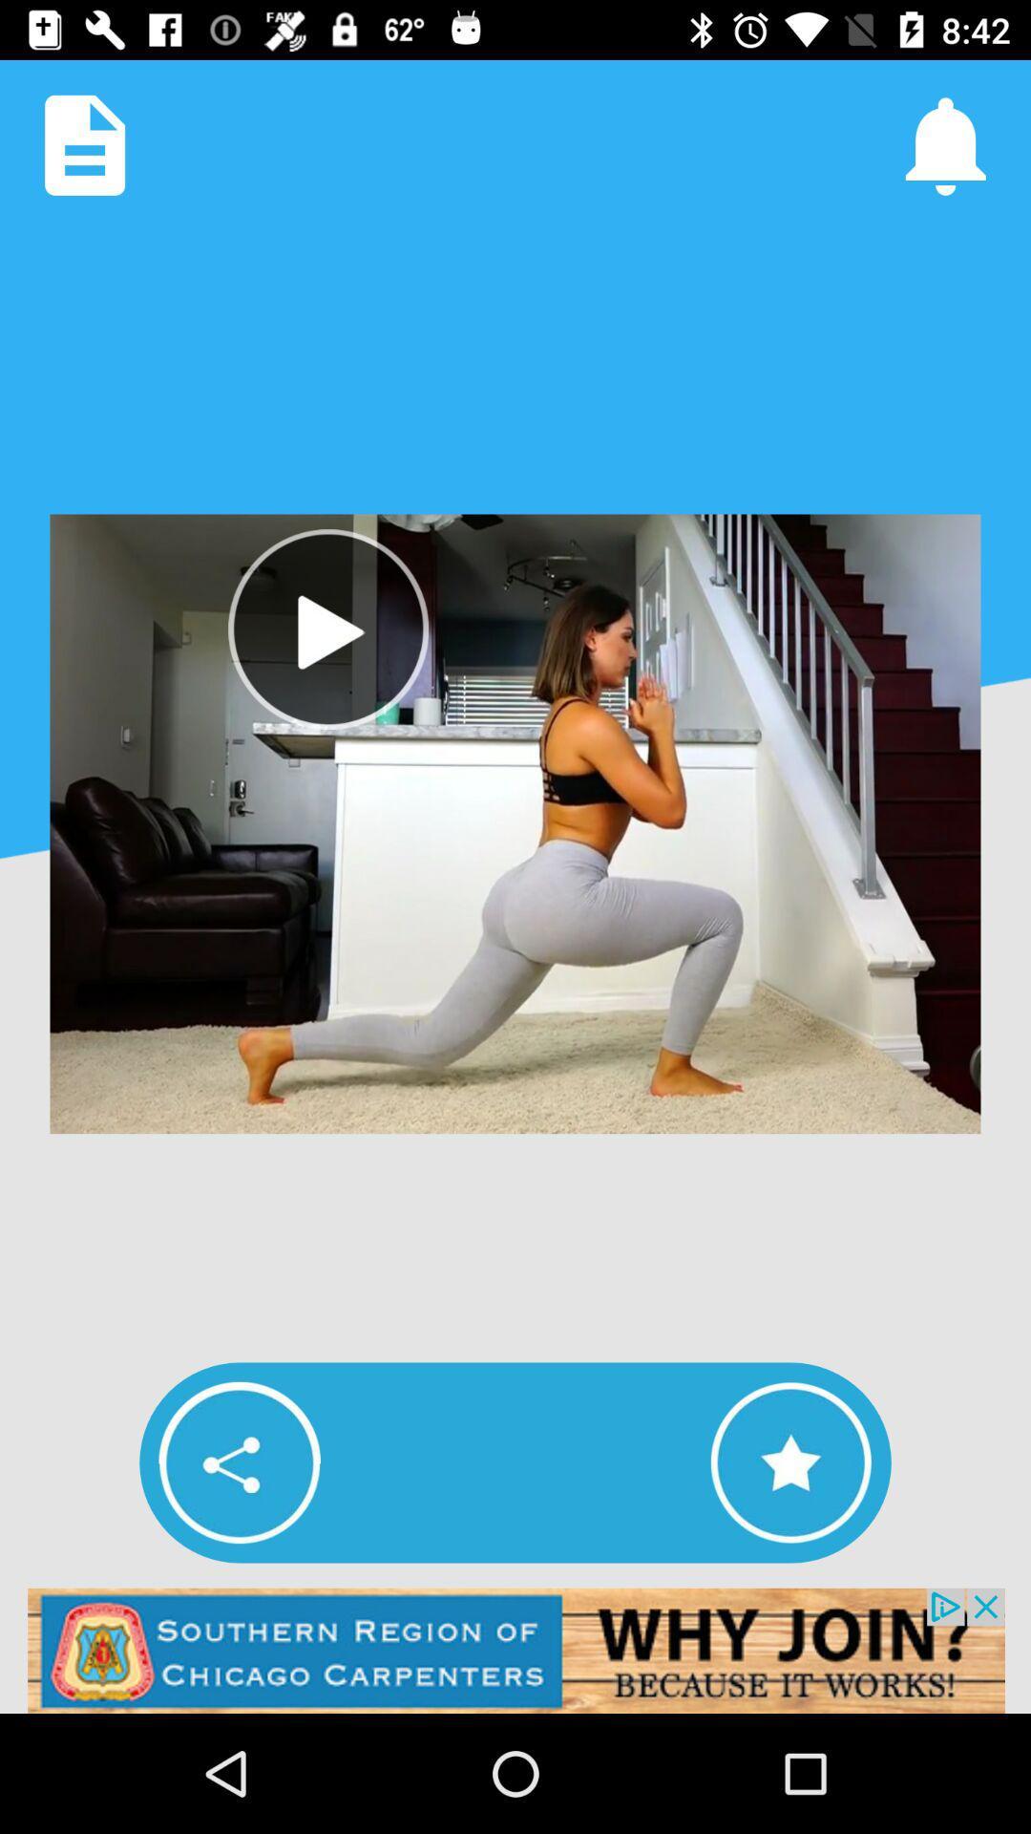 The width and height of the screenshot is (1031, 1834). I want to click on share this video, so click(239, 1461).